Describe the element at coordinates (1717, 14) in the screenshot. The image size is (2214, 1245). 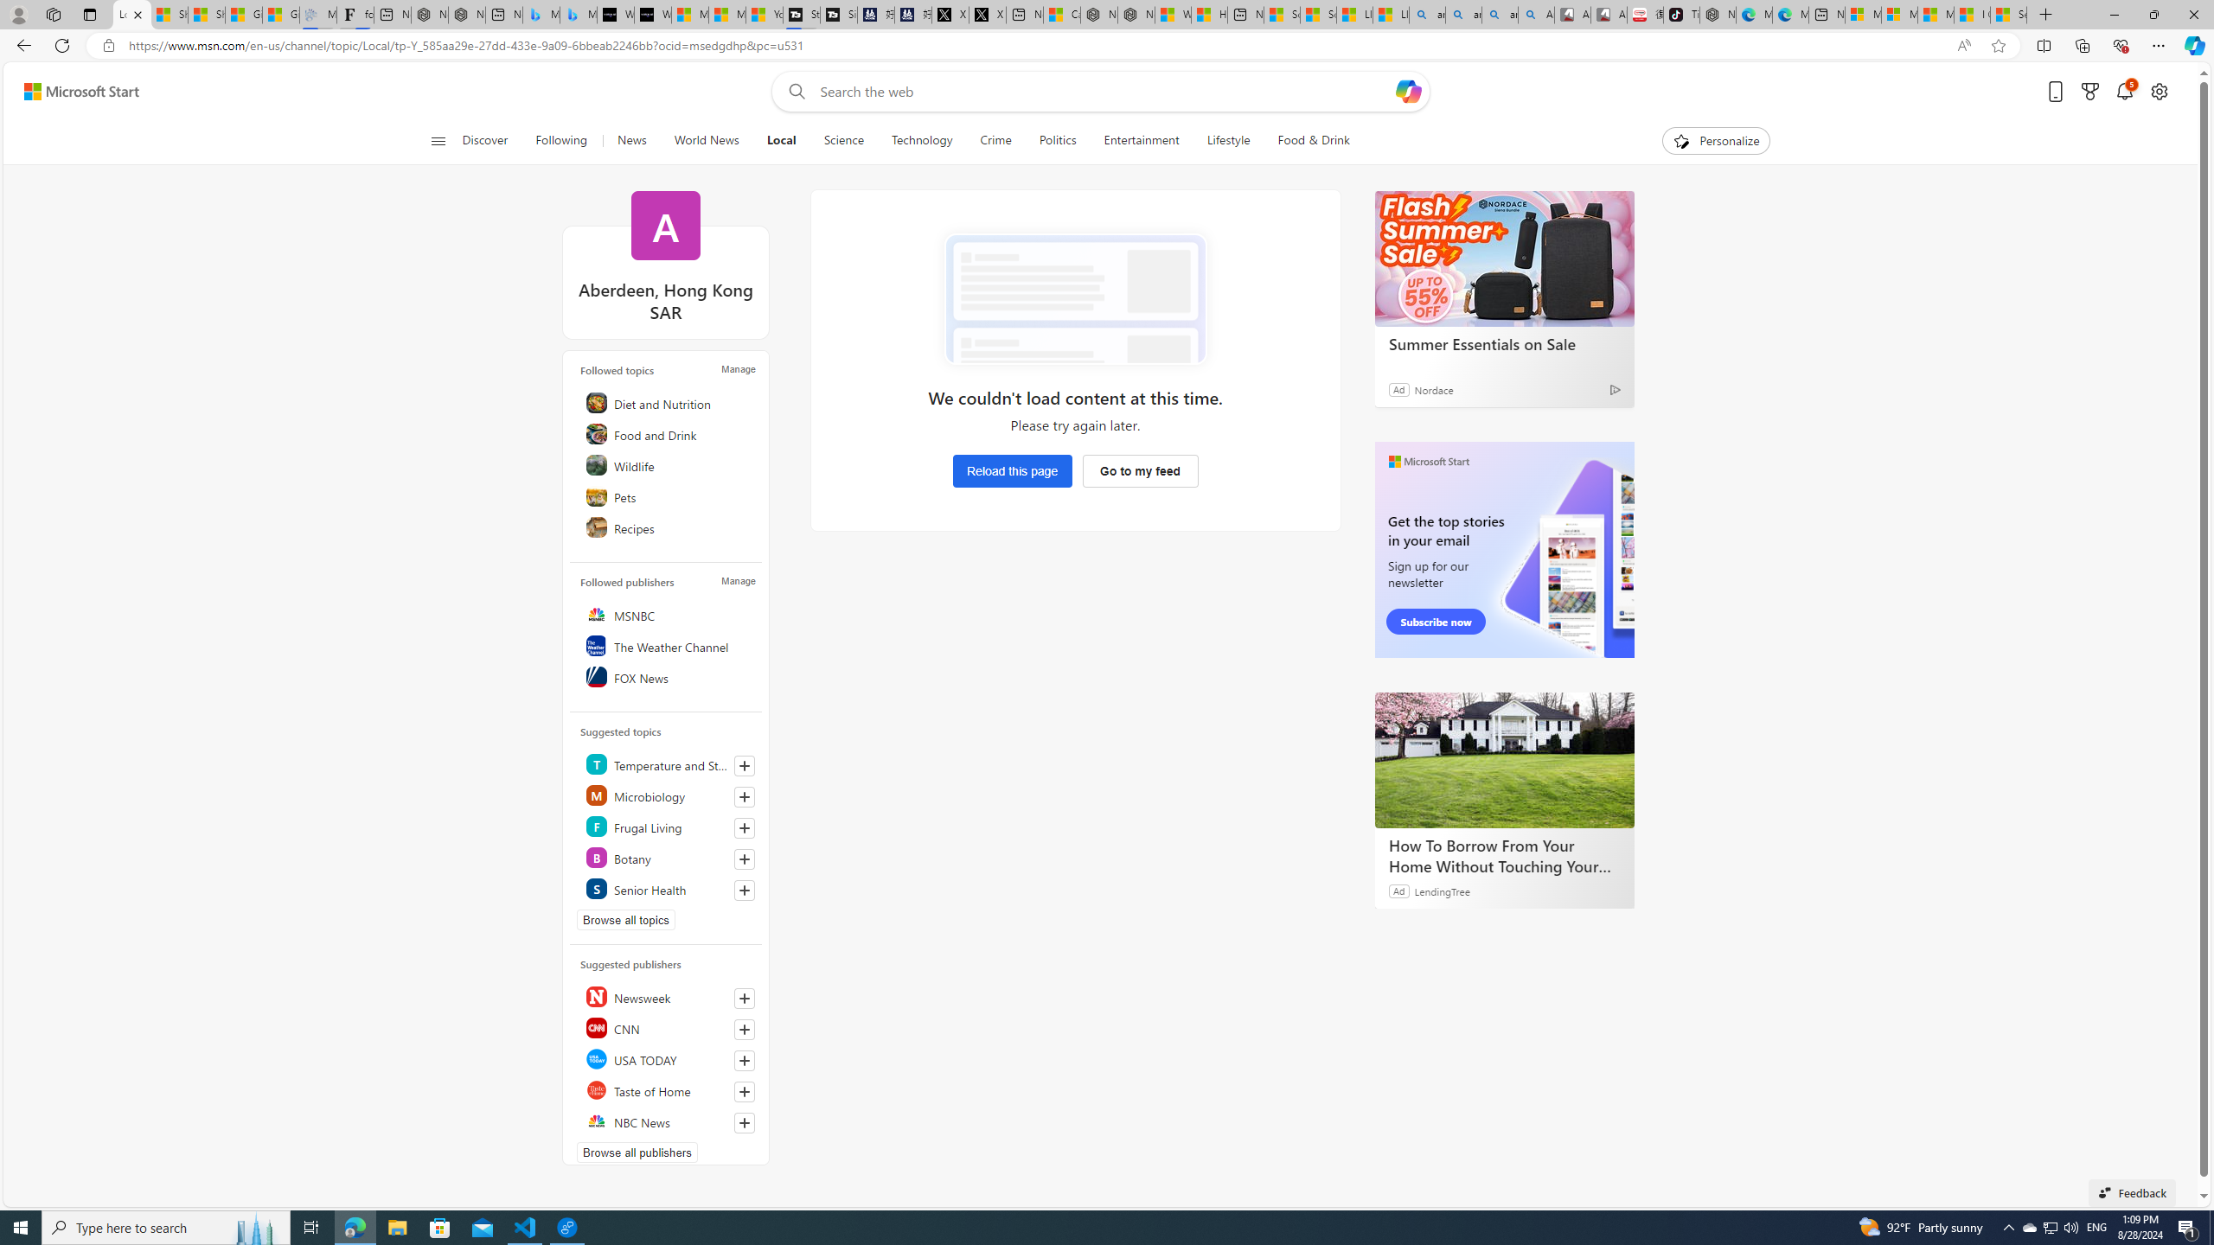
I see `'Nordace - Best Sellers'` at that location.